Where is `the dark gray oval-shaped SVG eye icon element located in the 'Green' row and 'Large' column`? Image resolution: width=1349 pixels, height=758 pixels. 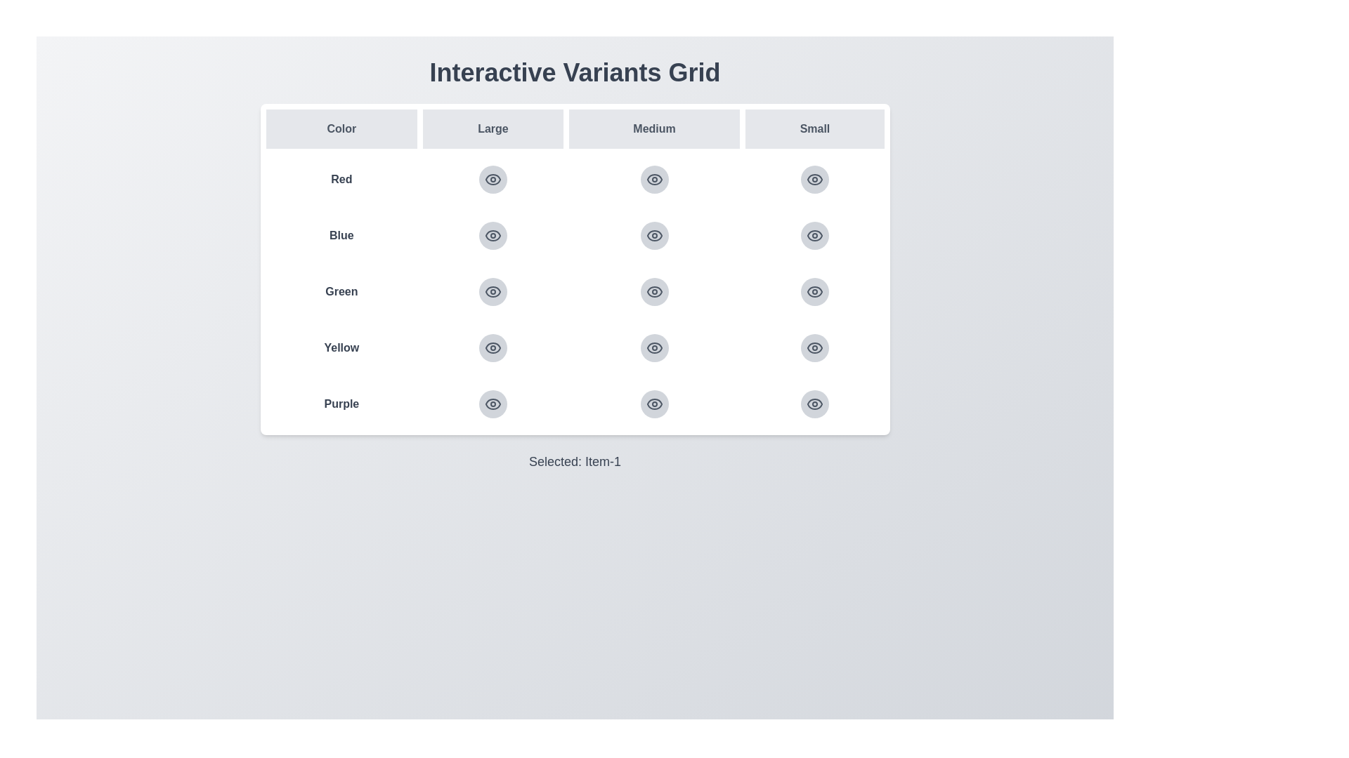 the dark gray oval-shaped SVG eye icon element located in the 'Green' row and 'Large' column is located at coordinates (493, 291).